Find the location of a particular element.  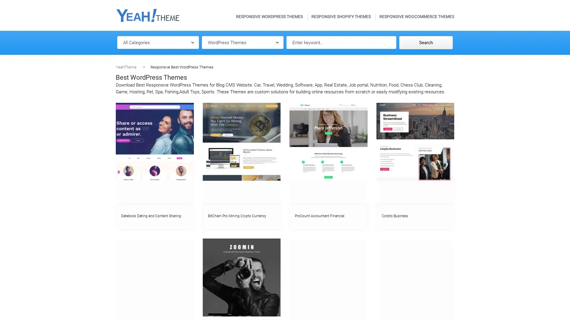

Search is located at coordinates (426, 42).